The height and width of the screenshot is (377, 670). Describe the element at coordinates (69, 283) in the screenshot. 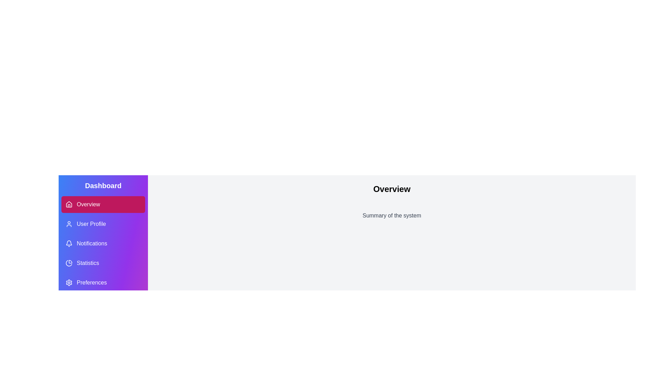

I see `the gear icon located at the bottom of the left-hand navigation menu` at that location.